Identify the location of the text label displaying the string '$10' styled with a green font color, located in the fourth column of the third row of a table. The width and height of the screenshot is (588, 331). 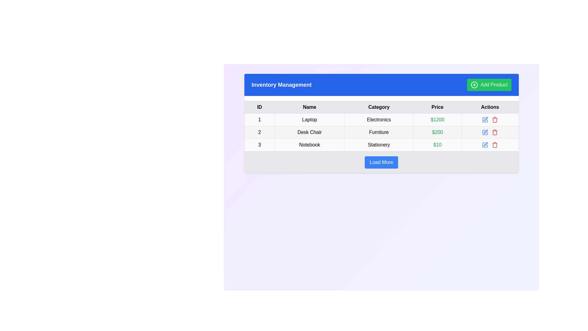
(437, 145).